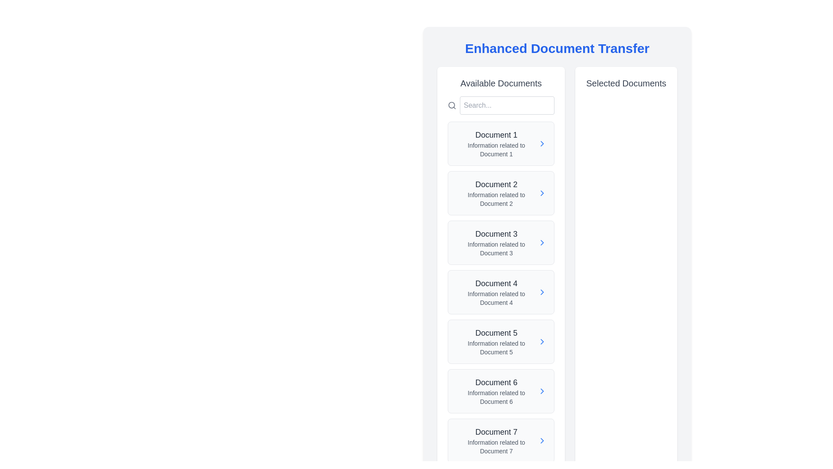 Image resolution: width=833 pixels, height=469 pixels. What do you see at coordinates (496, 292) in the screenshot?
I see `the List-item component displaying 'Document 4' with the subtitle 'Information related to Document 4' in the 'Available Documents' section` at bounding box center [496, 292].